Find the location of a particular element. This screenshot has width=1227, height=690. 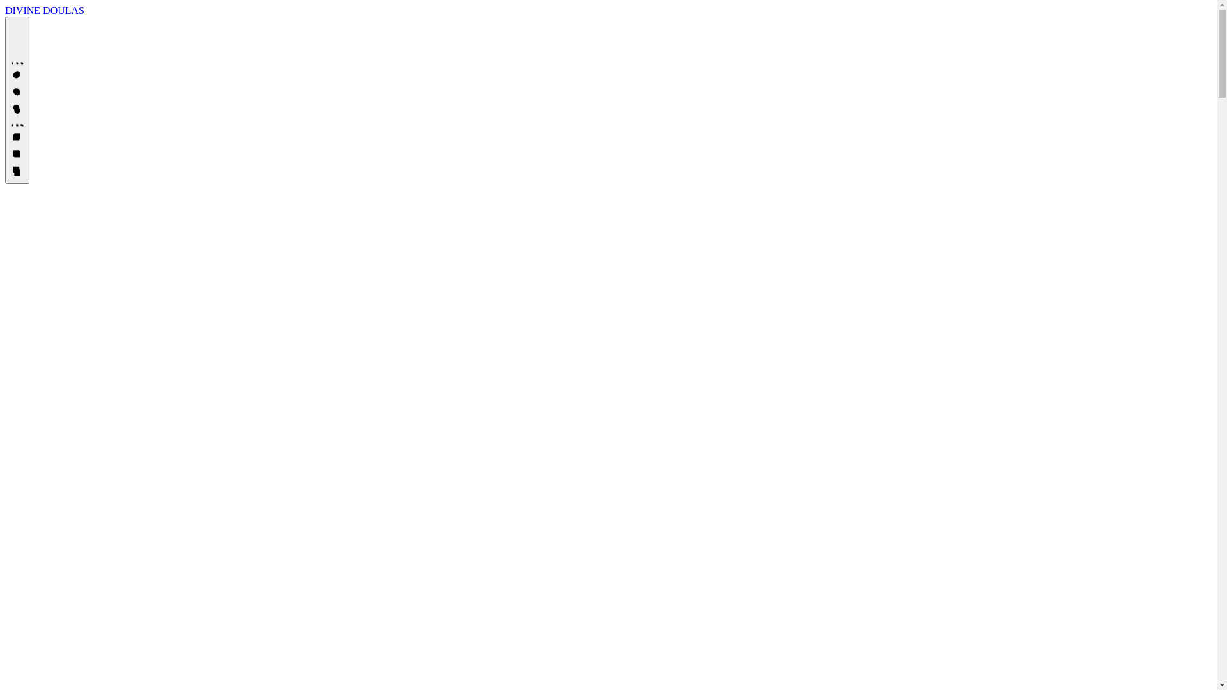

'DIVINE DOULAS' is located at coordinates (45, 10).